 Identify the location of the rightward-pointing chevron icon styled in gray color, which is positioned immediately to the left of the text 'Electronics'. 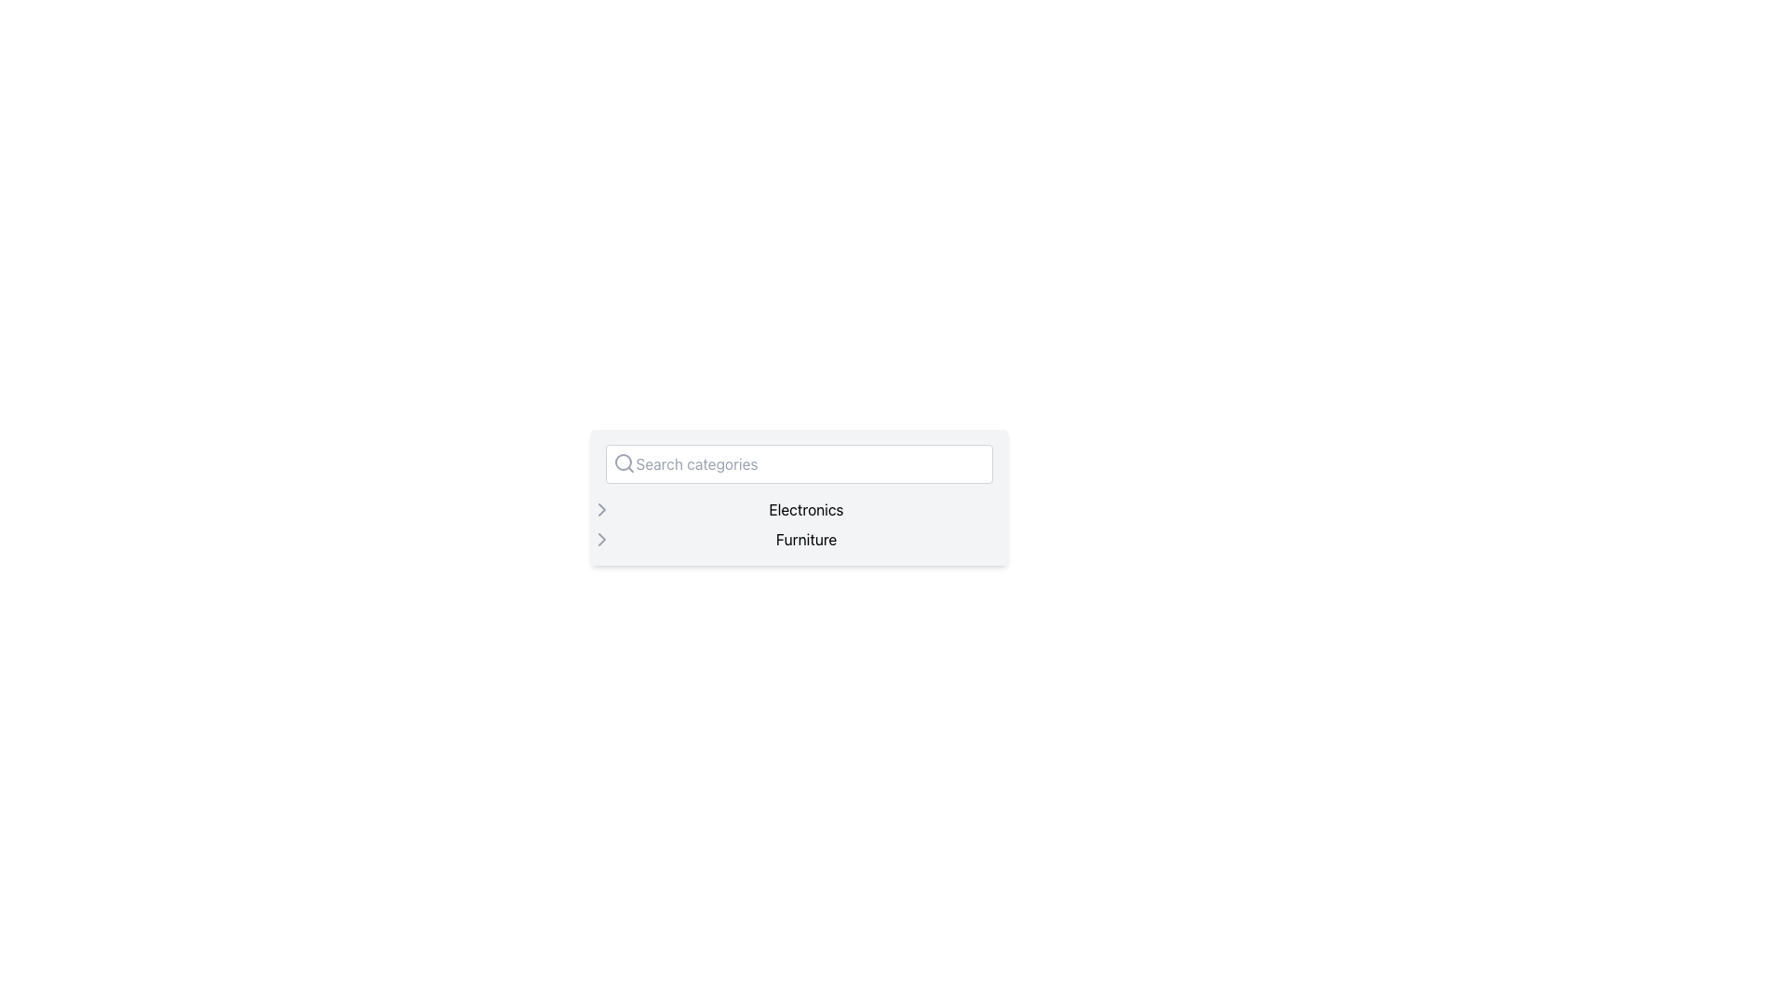
(601, 509).